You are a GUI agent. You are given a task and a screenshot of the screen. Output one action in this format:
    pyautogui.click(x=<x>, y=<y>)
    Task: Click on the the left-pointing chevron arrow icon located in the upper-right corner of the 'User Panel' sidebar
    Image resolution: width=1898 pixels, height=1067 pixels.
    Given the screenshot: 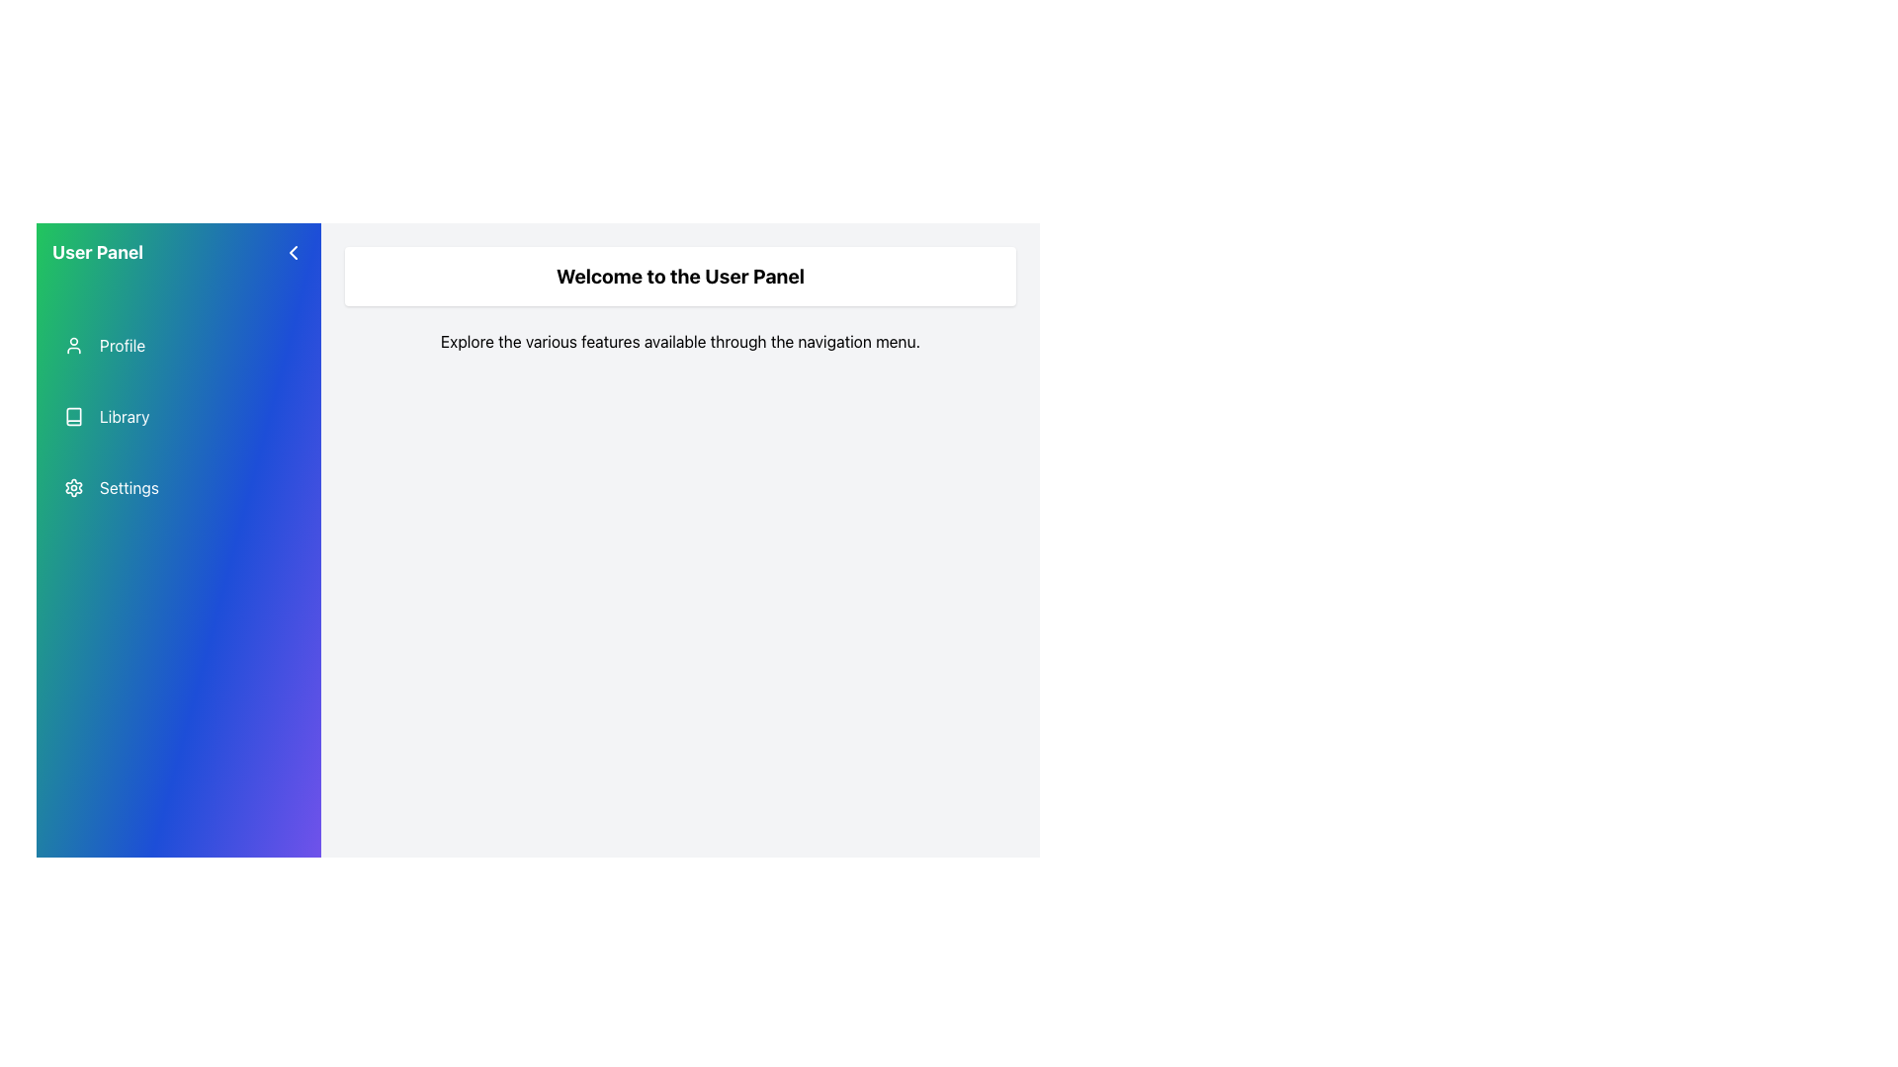 What is the action you would take?
    pyautogui.click(x=293, y=251)
    